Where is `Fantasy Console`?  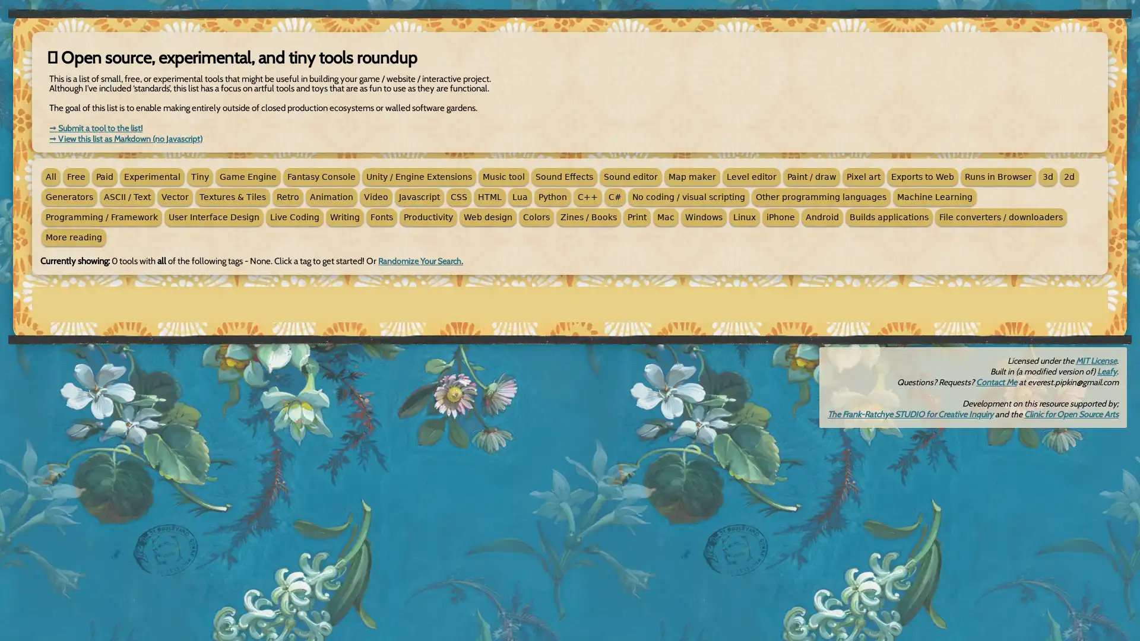
Fantasy Console is located at coordinates (321, 176).